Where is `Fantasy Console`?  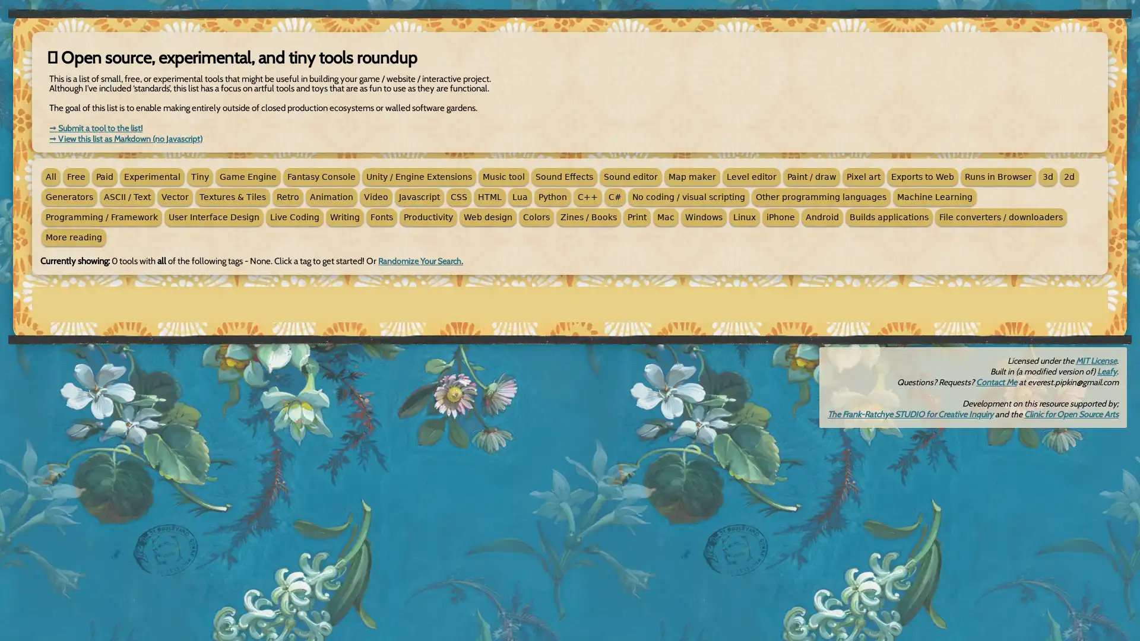
Fantasy Console is located at coordinates (321, 176).